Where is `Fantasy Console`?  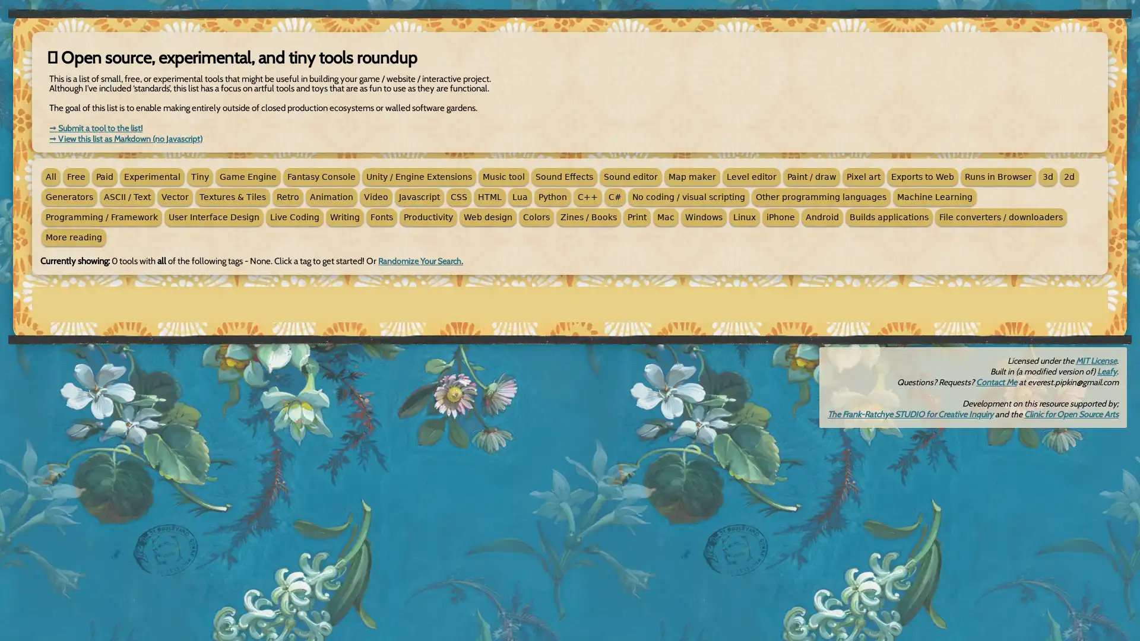
Fantasy Console is located at coordinates (321, 176).